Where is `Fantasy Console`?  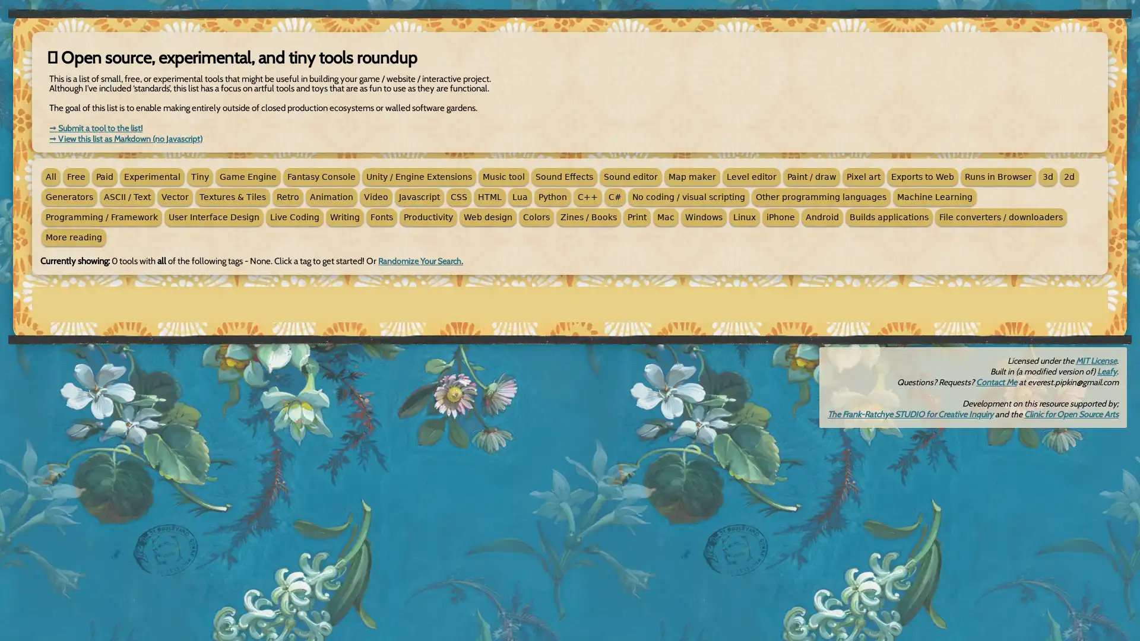
Fantasy Console is located at coordinates (321, 176).